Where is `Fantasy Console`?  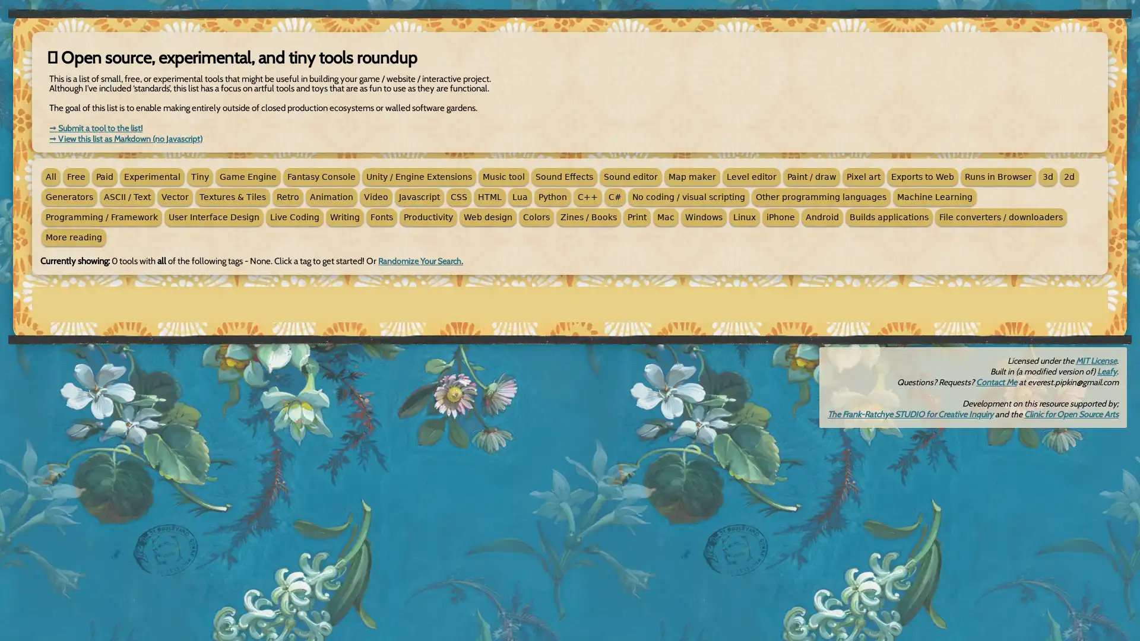
Fantasy Console is located at coordinates (321, 176).